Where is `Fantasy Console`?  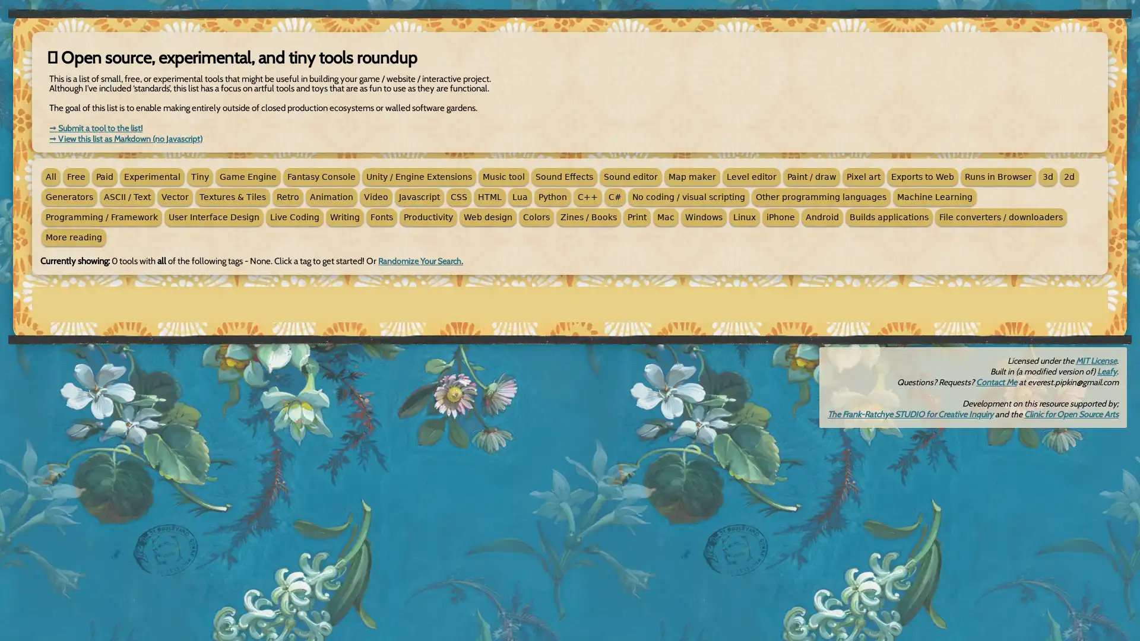
Fantasy Console is located at coordinates (321, 176).